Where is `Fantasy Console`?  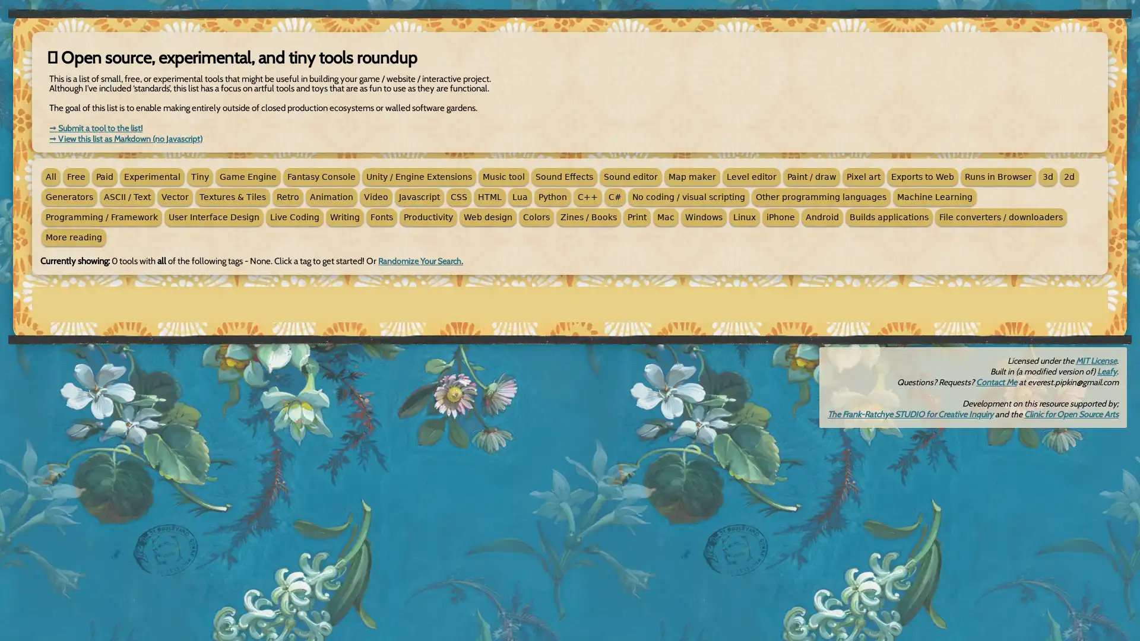
Fantasy Console is located at coordinates (321, 176).